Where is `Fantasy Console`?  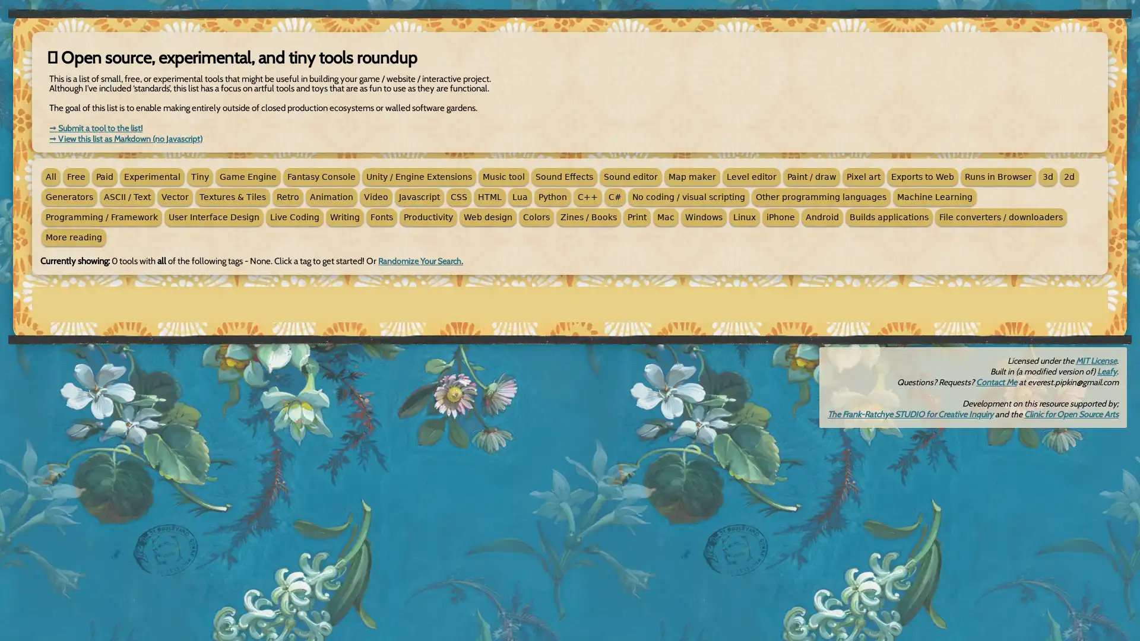
Fantasy Console is located at coordinates (321, 176).